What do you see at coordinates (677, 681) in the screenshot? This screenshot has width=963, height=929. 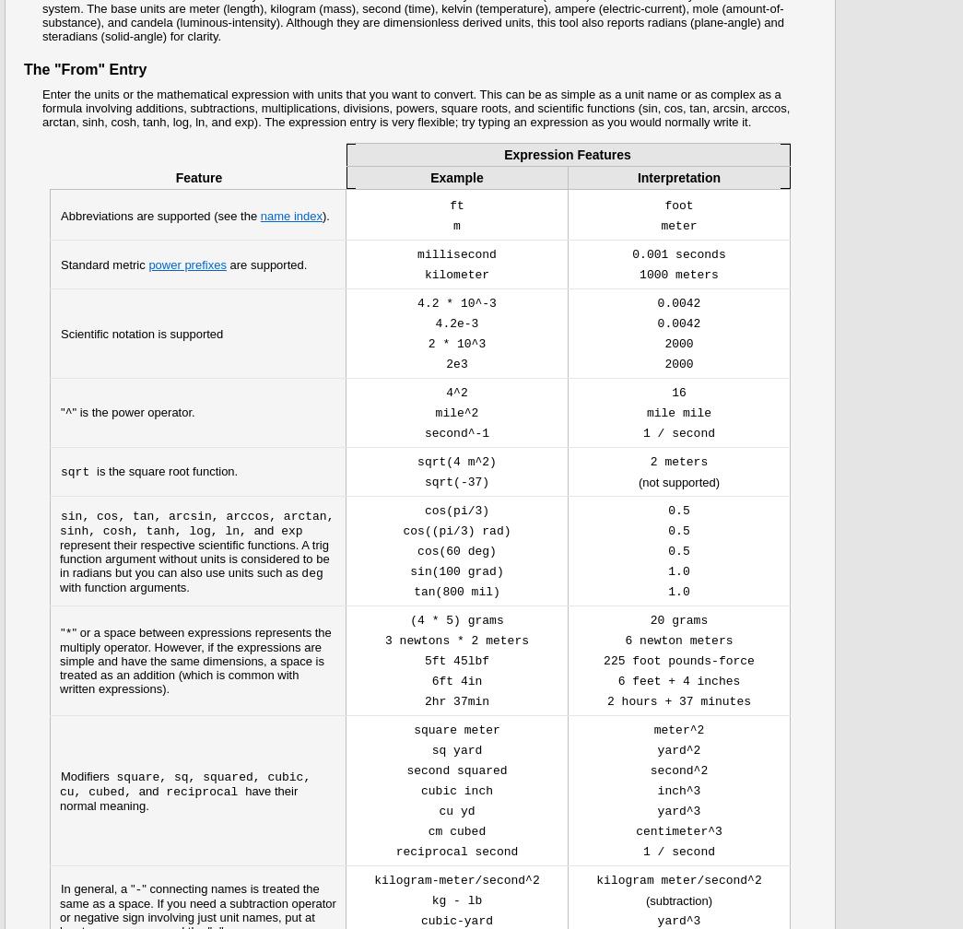 I see `'6 feet + 4 inches'` at bounding box center [677, 681].